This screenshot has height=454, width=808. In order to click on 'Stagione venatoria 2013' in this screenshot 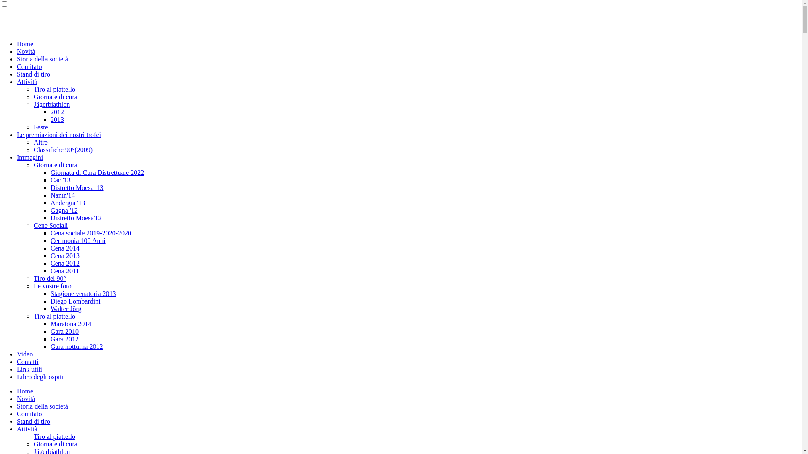, I will do `click(83, 293)`.